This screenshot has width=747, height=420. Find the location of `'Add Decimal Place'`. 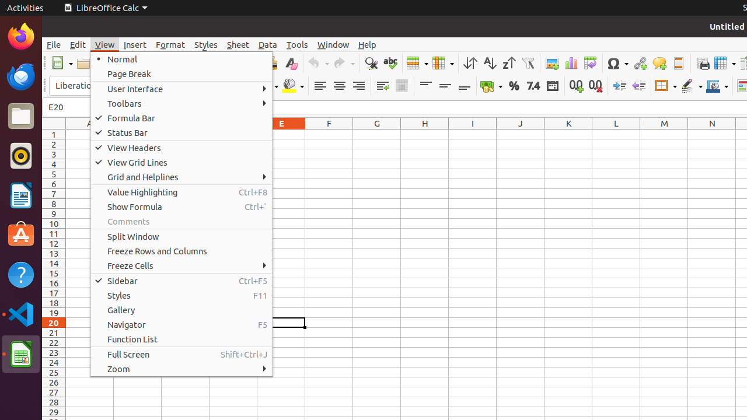

'Add Decimal Place' is located at coordinates (576, 85).